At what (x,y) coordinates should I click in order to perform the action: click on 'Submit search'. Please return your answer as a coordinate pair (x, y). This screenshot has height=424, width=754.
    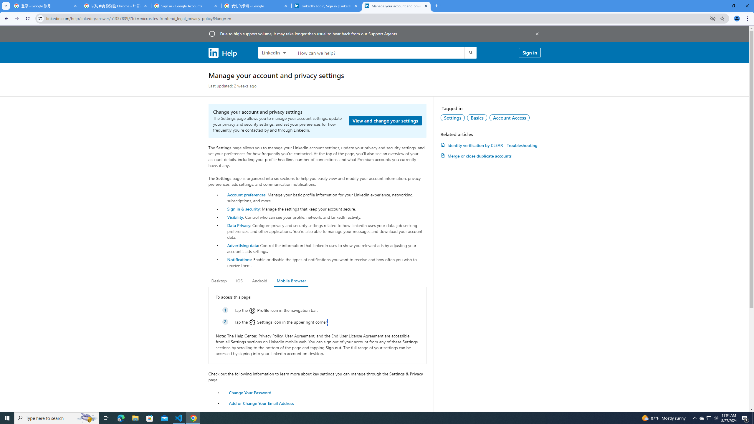
    Looking at the image, I should click on (470, 52).